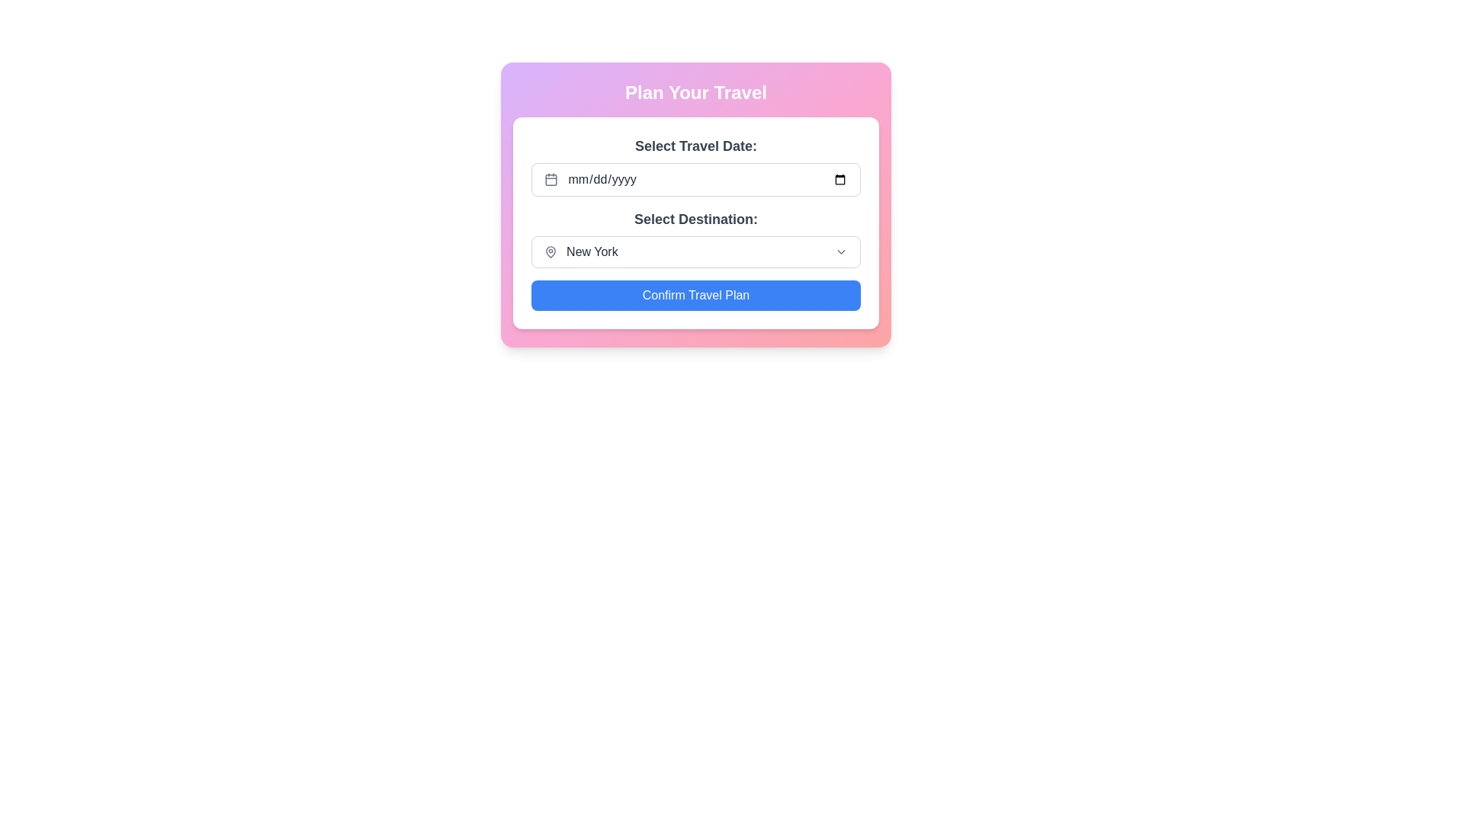 The width and height of the screenshot is (1464, 823). What do you see at coordinates (840, 251) in the screenshot?
I see `the downward-facing chevron icon located to the right of the 'New York' text field` at bounding box center [840, 251].